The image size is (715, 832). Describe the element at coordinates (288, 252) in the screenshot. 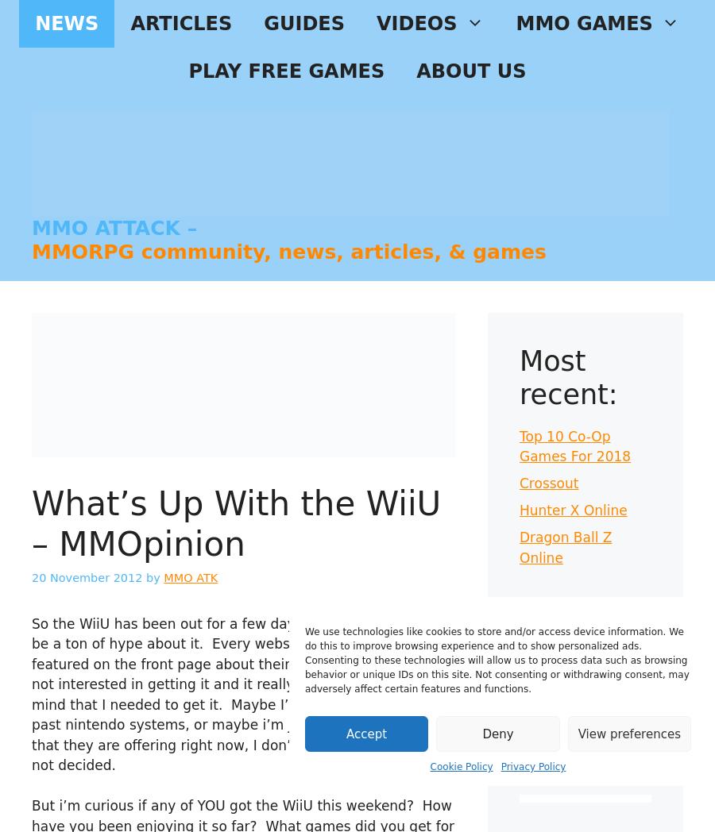

I see `'MMORPG community, news, articles, & games'` at that location.